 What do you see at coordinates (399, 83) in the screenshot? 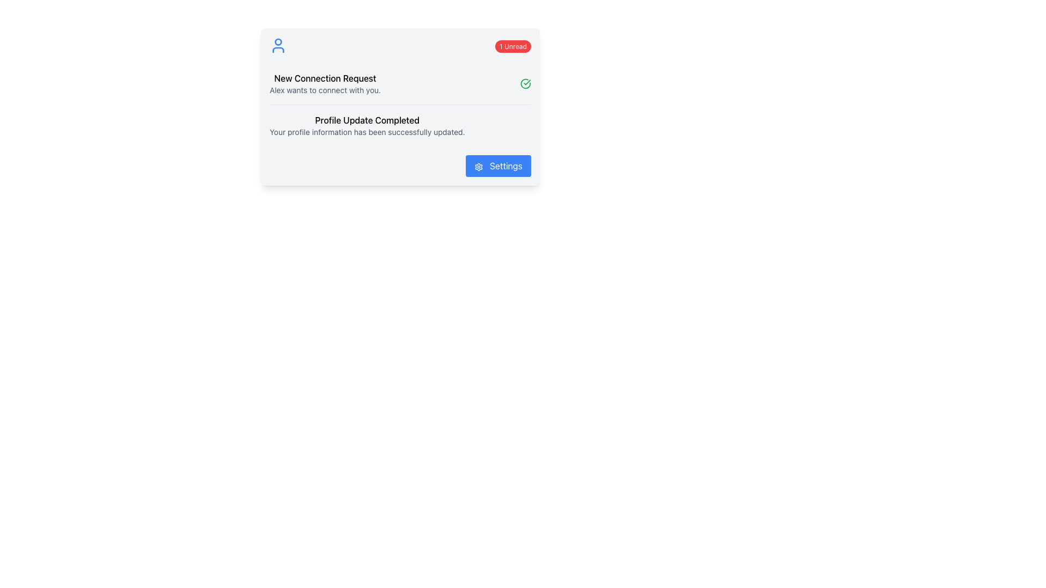
I see `the notification titled 'New Connection Request' that displays the message 'Alex wants to connect with you.'` at bounding box center [399, 83].